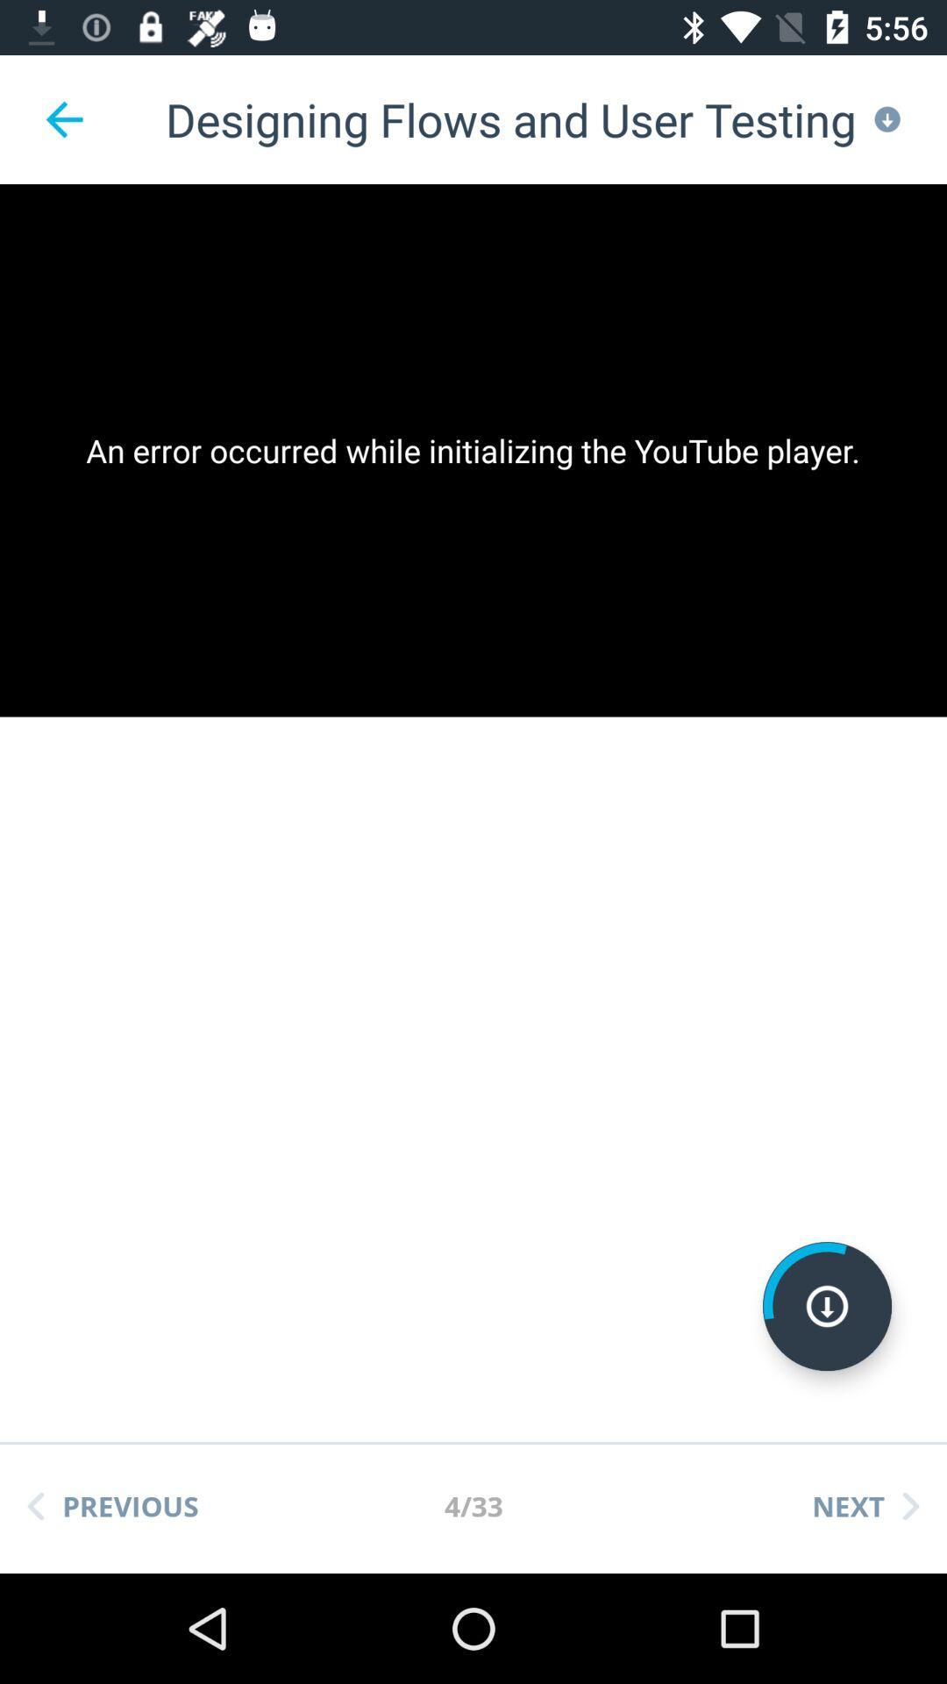 The width and height of the screenshot is (947, 1684). I want to click on the app below the an error occurred item, so click(112, 1505).